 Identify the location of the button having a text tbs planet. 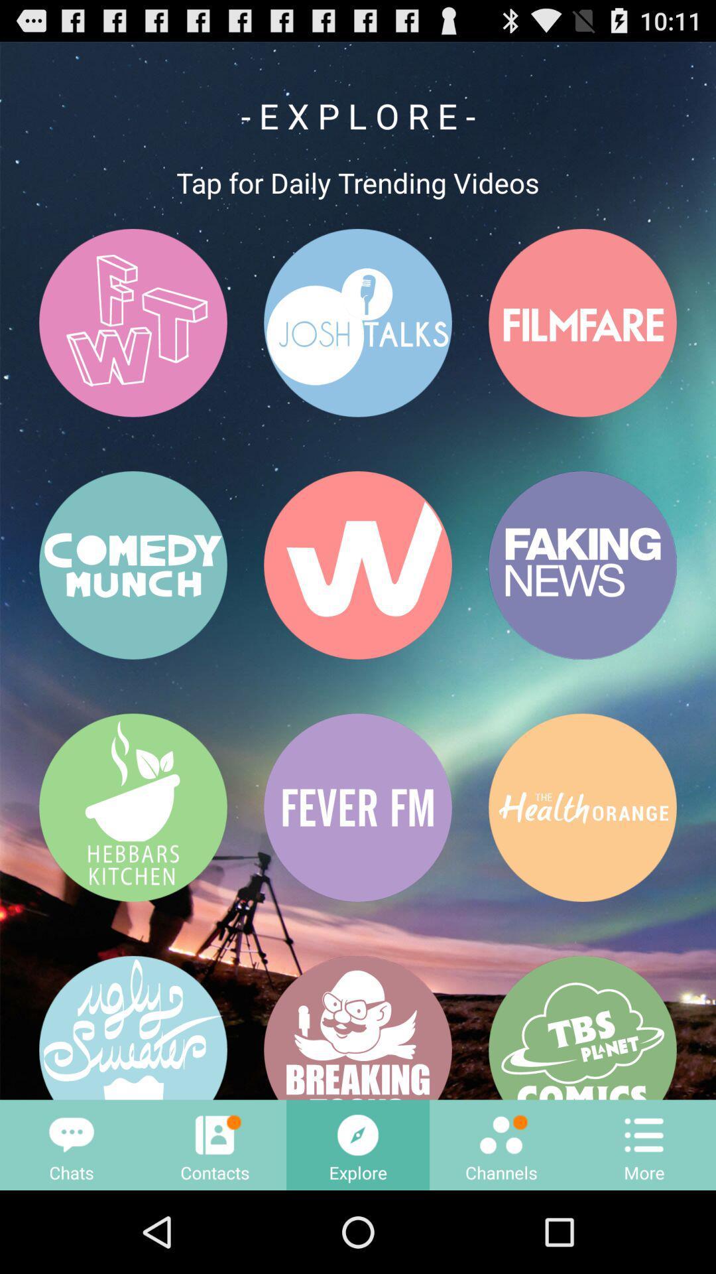
(582, 1027).